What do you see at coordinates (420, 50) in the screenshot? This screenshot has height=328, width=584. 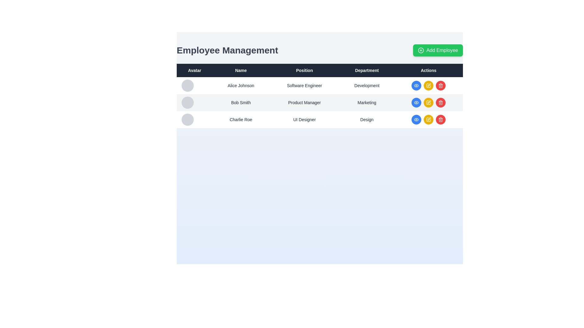 I see `the circular element that forms part of the plus-circle icon within the 'Add Employee' button, located in the top-right section of the user interface` at bounding box center [420, 50].